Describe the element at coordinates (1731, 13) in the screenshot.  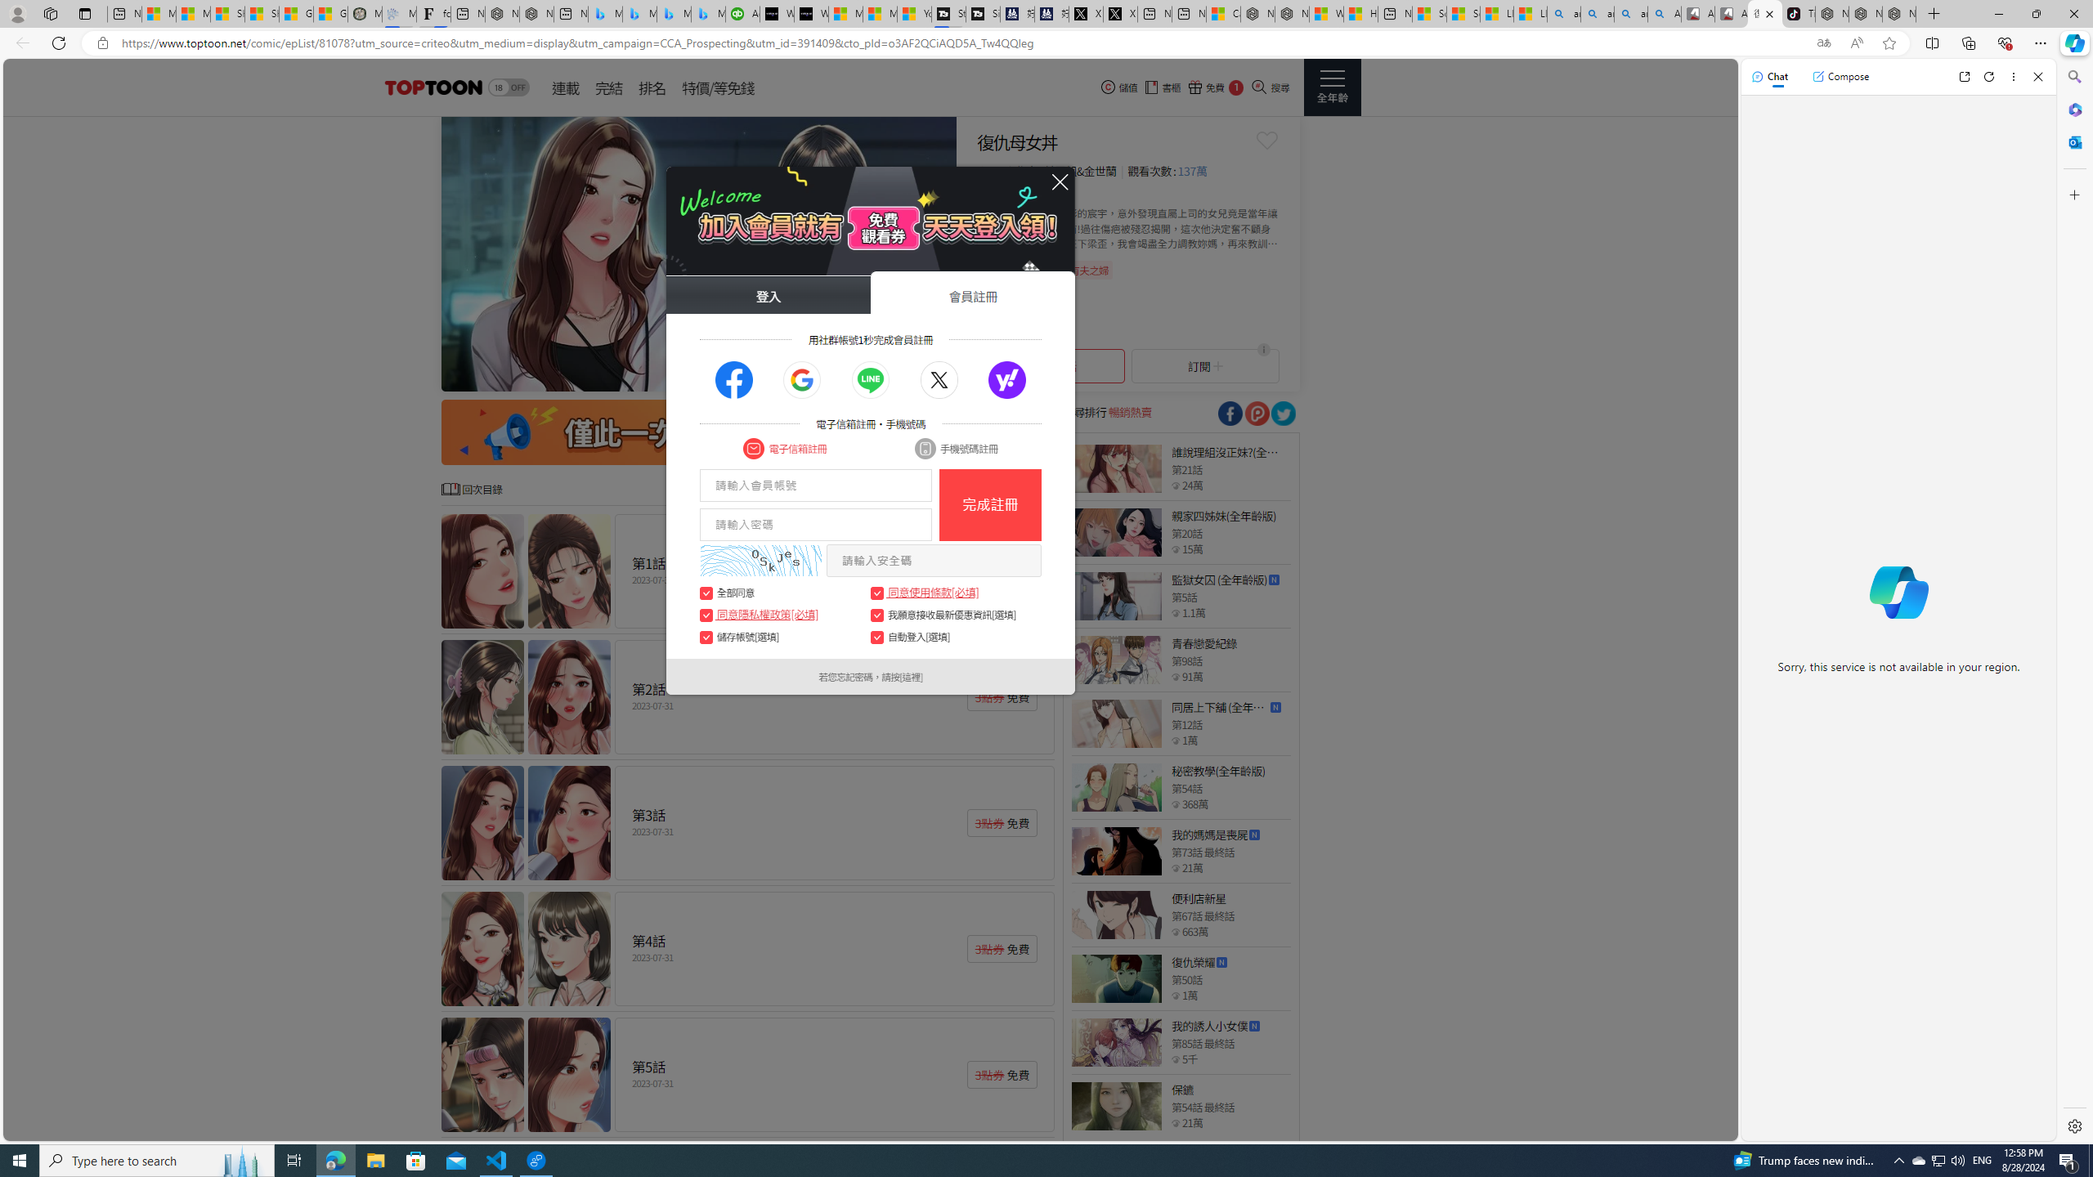
I see `'All Cubot phones'` at that location.